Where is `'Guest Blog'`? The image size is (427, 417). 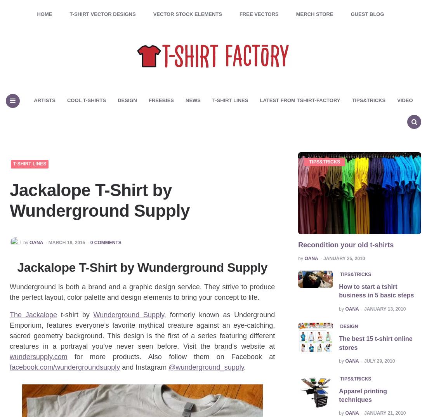
'Guest Blog' is located at coordinates (367, 14).